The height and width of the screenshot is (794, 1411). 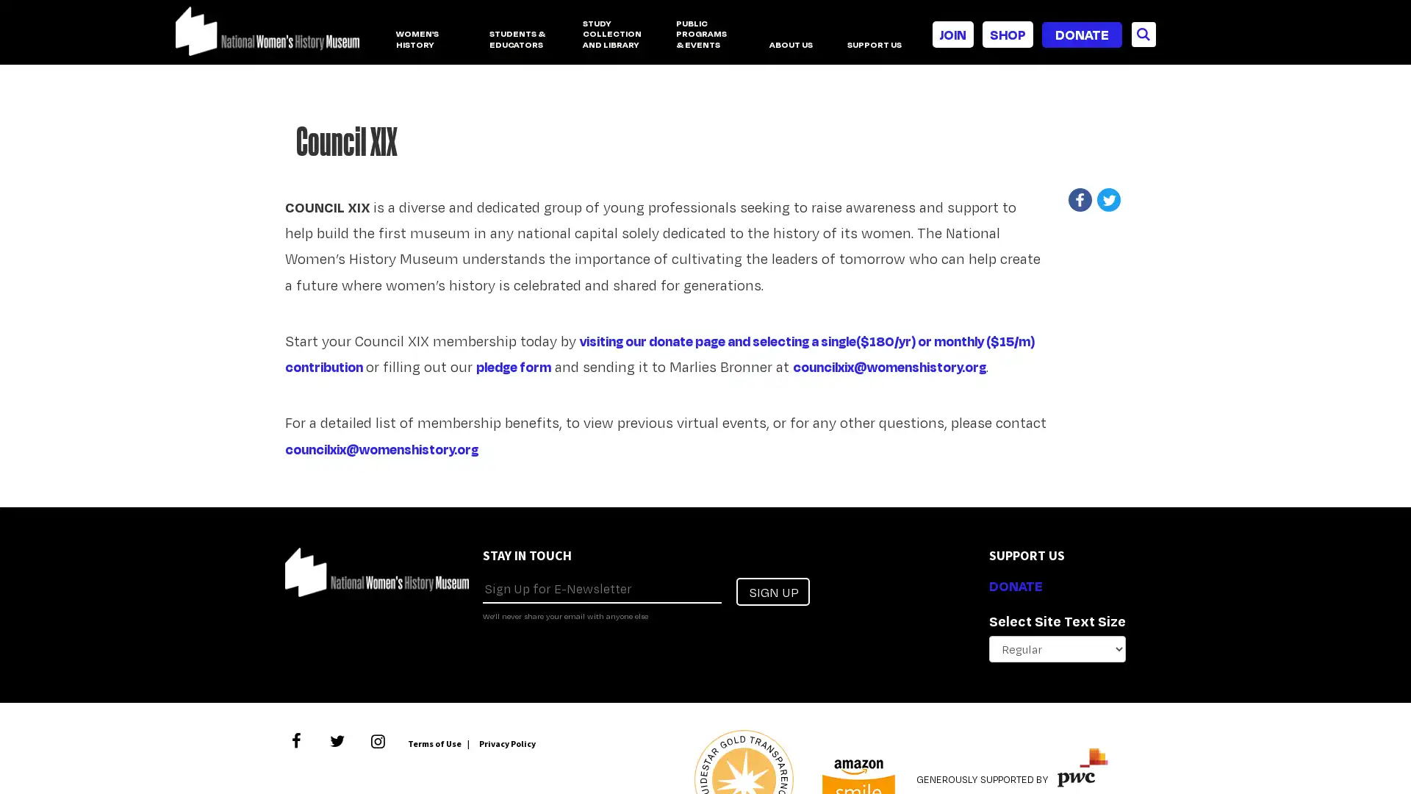 What do you see at coordinates (1111, 200) in the screenshot?
I see `Share to Twitter` at bounding box center [1111, 200].